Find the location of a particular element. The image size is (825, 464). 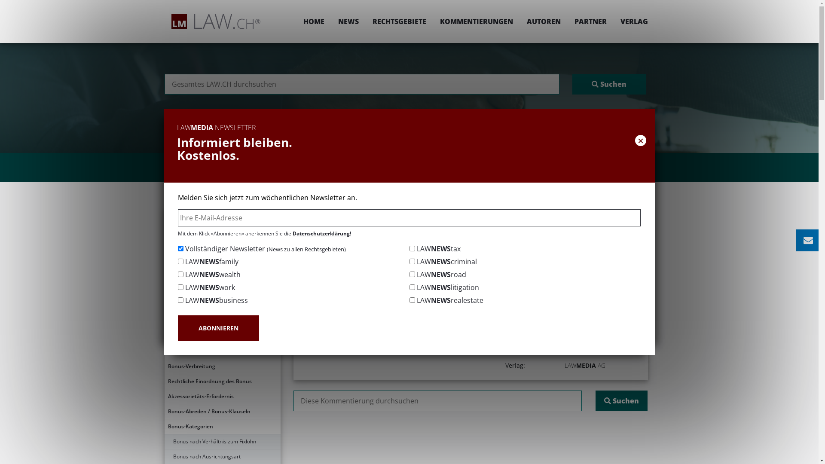

'Bonus-Abreden / Bonus-Klauseln' is located at coordinates (222, 411).